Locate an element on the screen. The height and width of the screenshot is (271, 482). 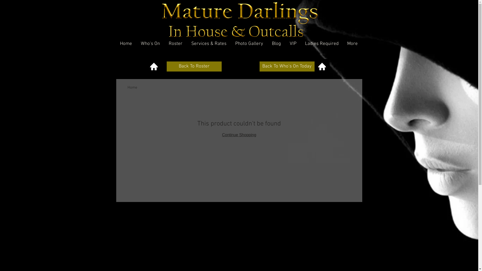
'Home' is located at coordinates (132, 87).